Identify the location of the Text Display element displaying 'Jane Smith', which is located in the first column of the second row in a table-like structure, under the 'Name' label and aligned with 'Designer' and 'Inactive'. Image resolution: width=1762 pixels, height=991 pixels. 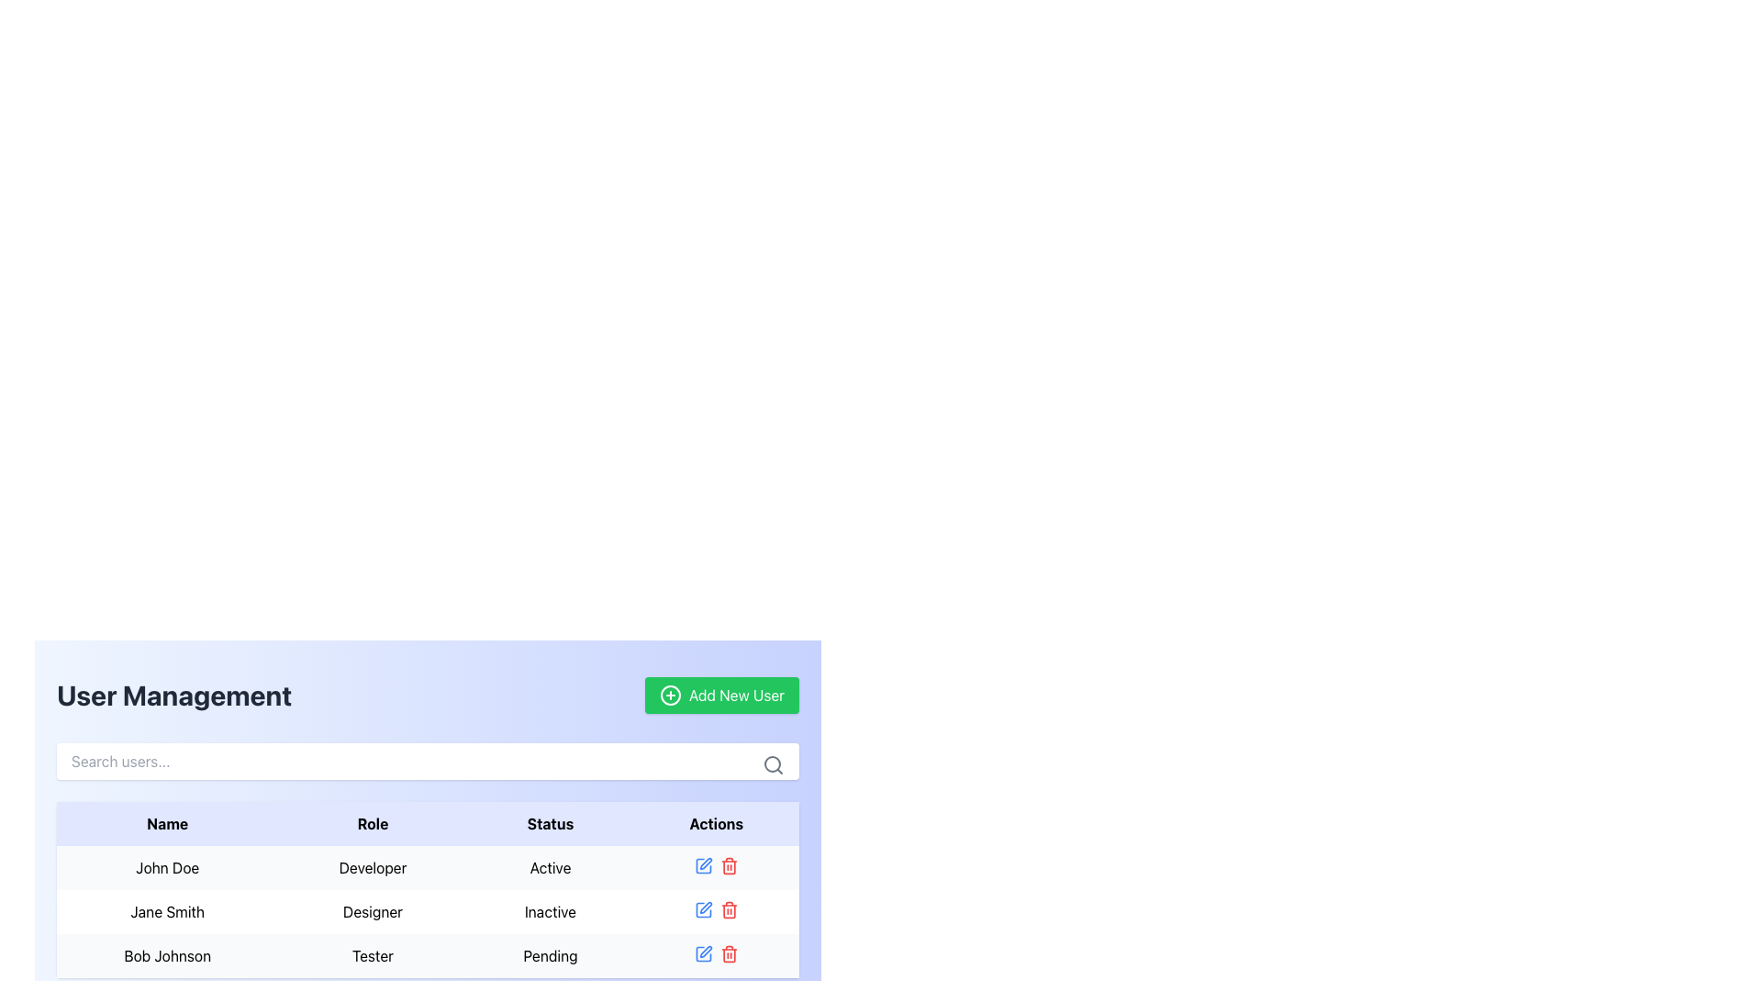
(167, 912).